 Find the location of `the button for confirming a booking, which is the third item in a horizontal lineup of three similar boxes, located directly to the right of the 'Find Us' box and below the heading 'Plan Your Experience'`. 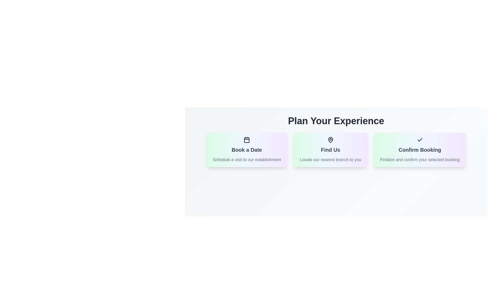

the button for confirming a booking, which is the third item in a horizontal lineup of three similar boxes, located directly to the right of the 'Find Us' box and below the heading 'Plan Your Experience' is located at coordinates (420, 150).